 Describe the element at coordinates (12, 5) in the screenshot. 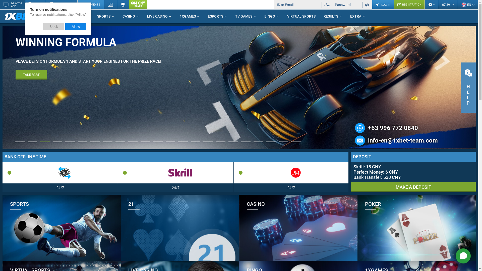

I see `'DESKTOP` at that location.